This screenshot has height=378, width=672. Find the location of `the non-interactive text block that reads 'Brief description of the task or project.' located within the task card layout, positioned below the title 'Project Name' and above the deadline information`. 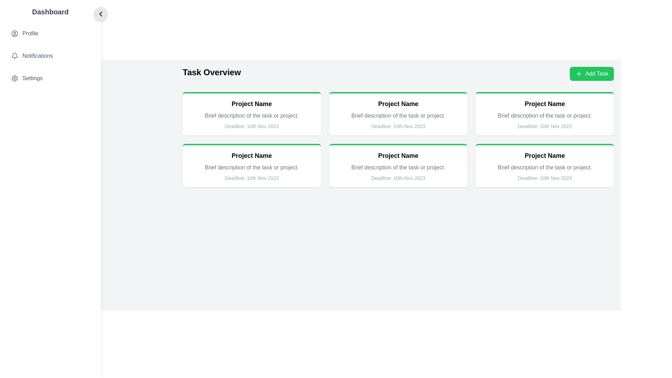

the non-interactive text block that reads 'Brief description of the task or project.' located within the task card layout, positioned below the title 'Project Name' and above the deadline information is located at coordinates (544, 115).